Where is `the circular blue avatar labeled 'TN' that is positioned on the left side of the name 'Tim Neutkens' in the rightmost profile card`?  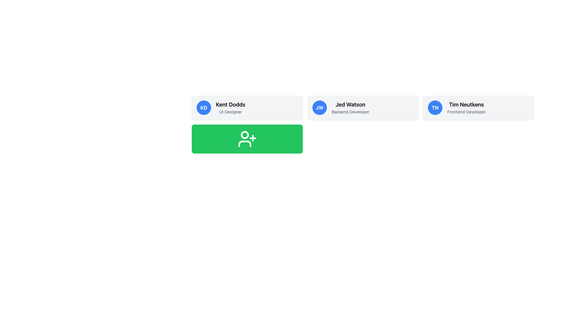 the circular blue avatar labeled 'TN' that is positioned on the left side of the name 'Tim Neutkens' in the rightmost profile card is located at coordinates (435, 107).